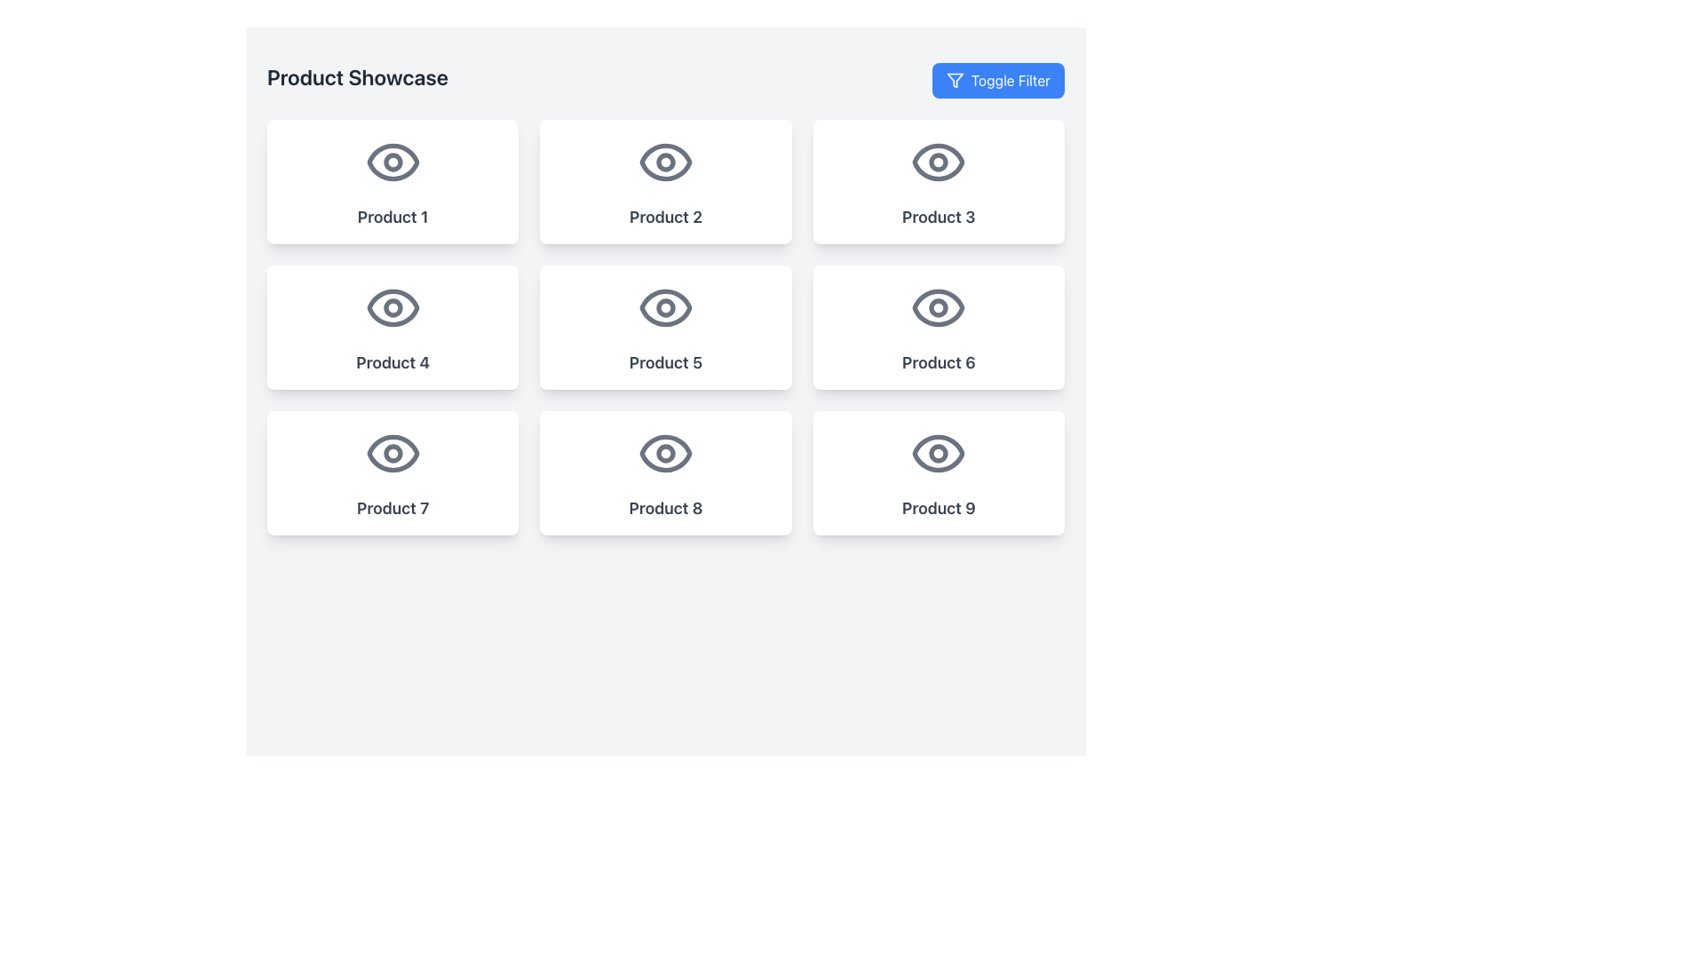  I want to click on the gray eye-shaped icon above the text 'Product 1', so click(392, 162).